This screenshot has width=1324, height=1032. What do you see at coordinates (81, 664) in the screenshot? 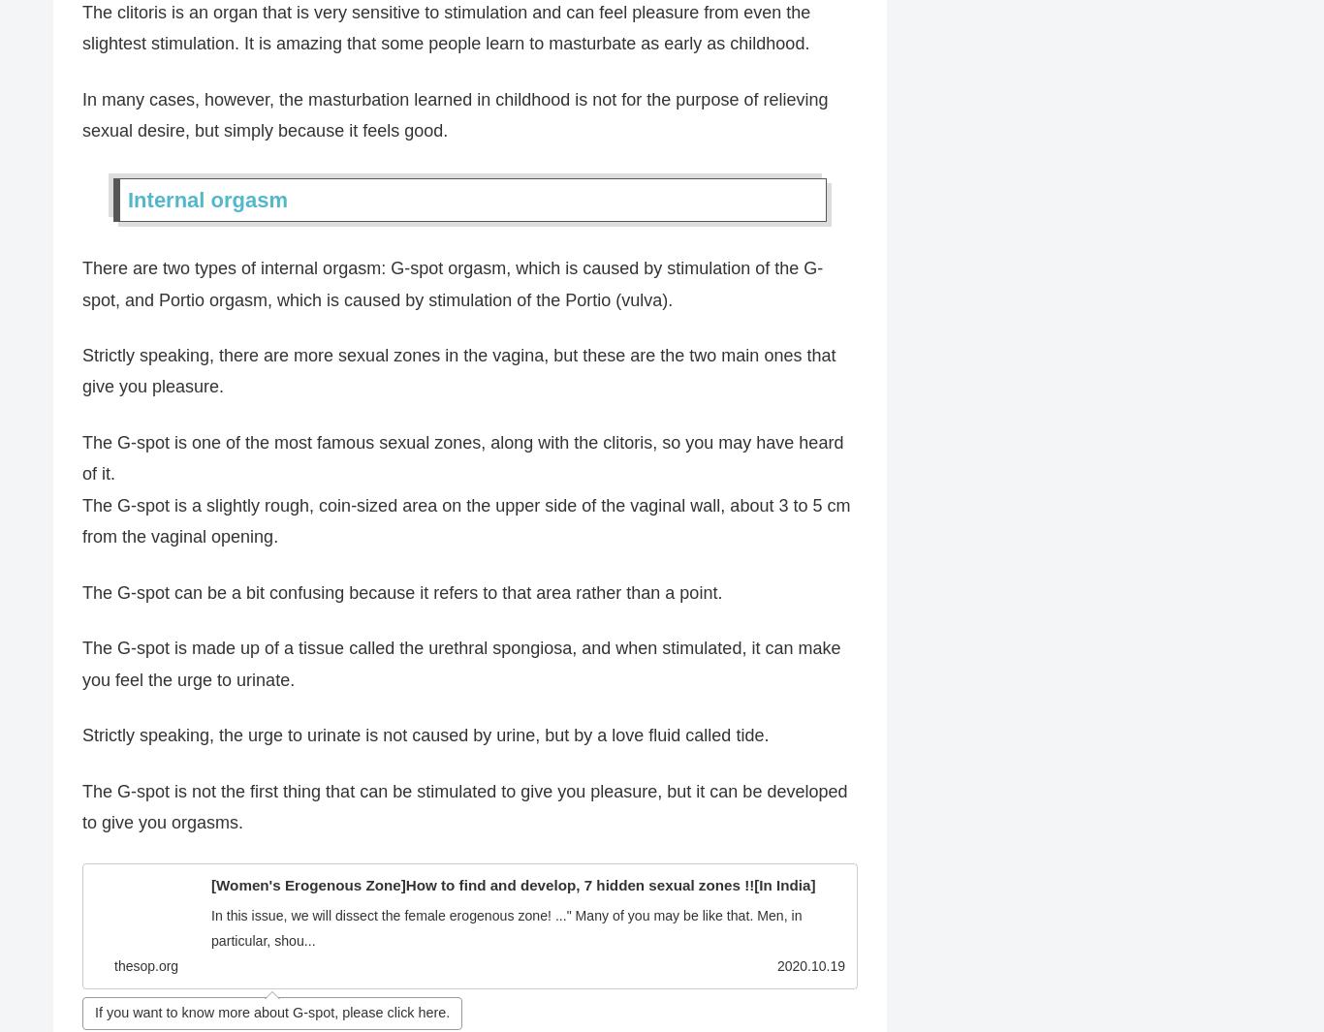
I see `'The G-spot is made up of a tissue called the urethral spongiosa, and when stimulated, it can make you feel the urge to urinate.'` at bounding box center [81, 664].